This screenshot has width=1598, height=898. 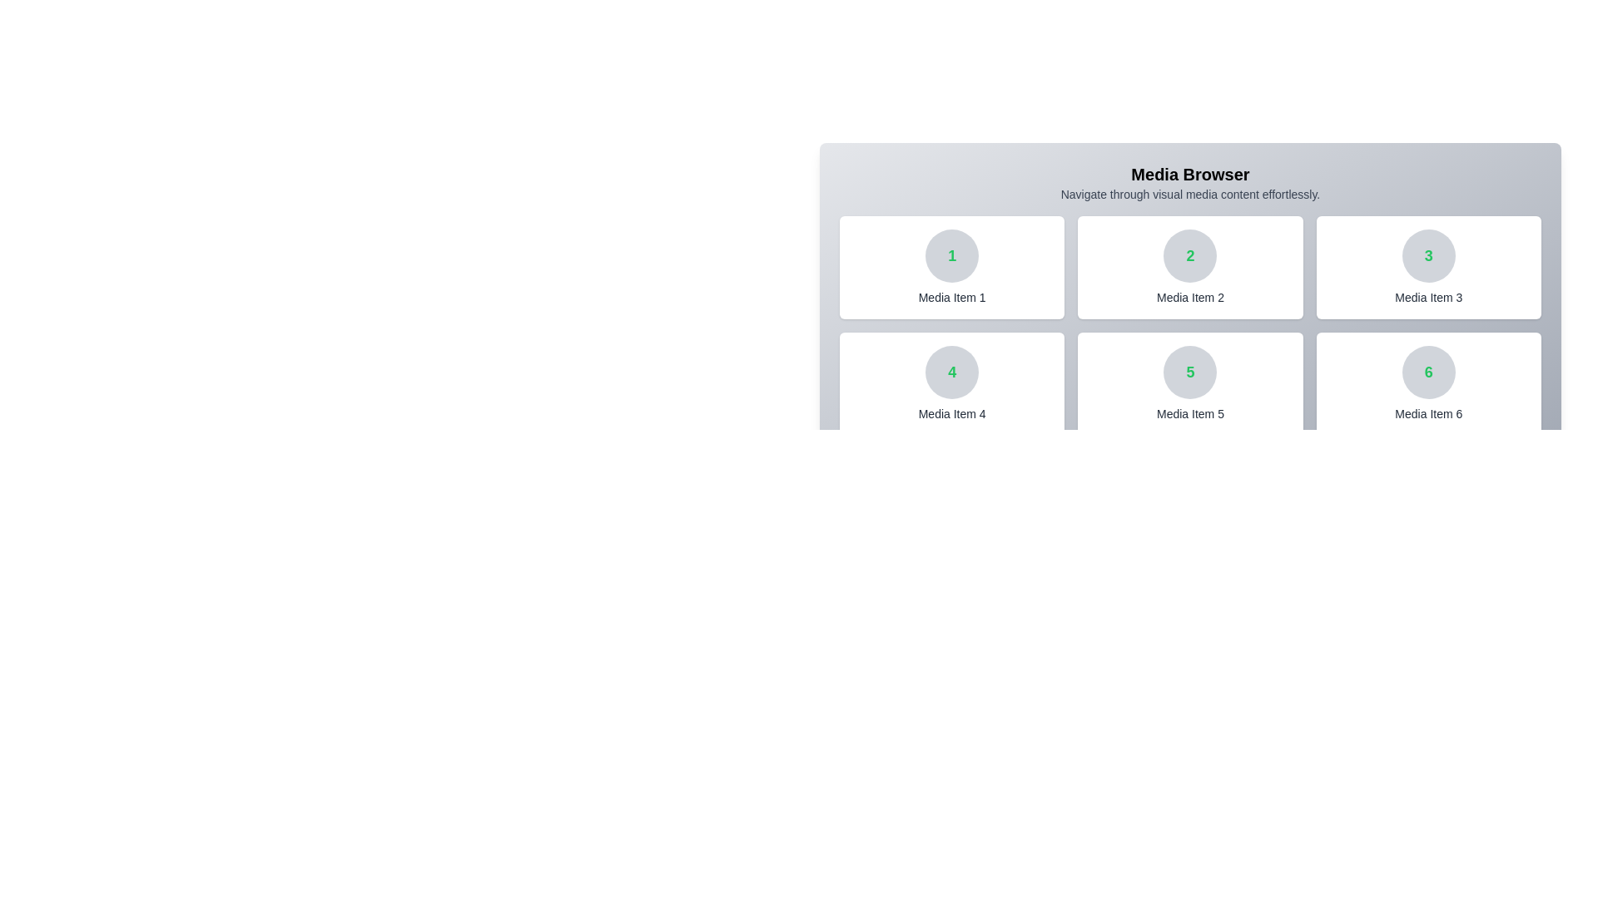 I want to click on the Card component displaying 'Media Item 2', characterized by its white rounded rectangle shape, gray circular icon with the number '2' in green, and the text label below it, so click(x=1189, y=266).